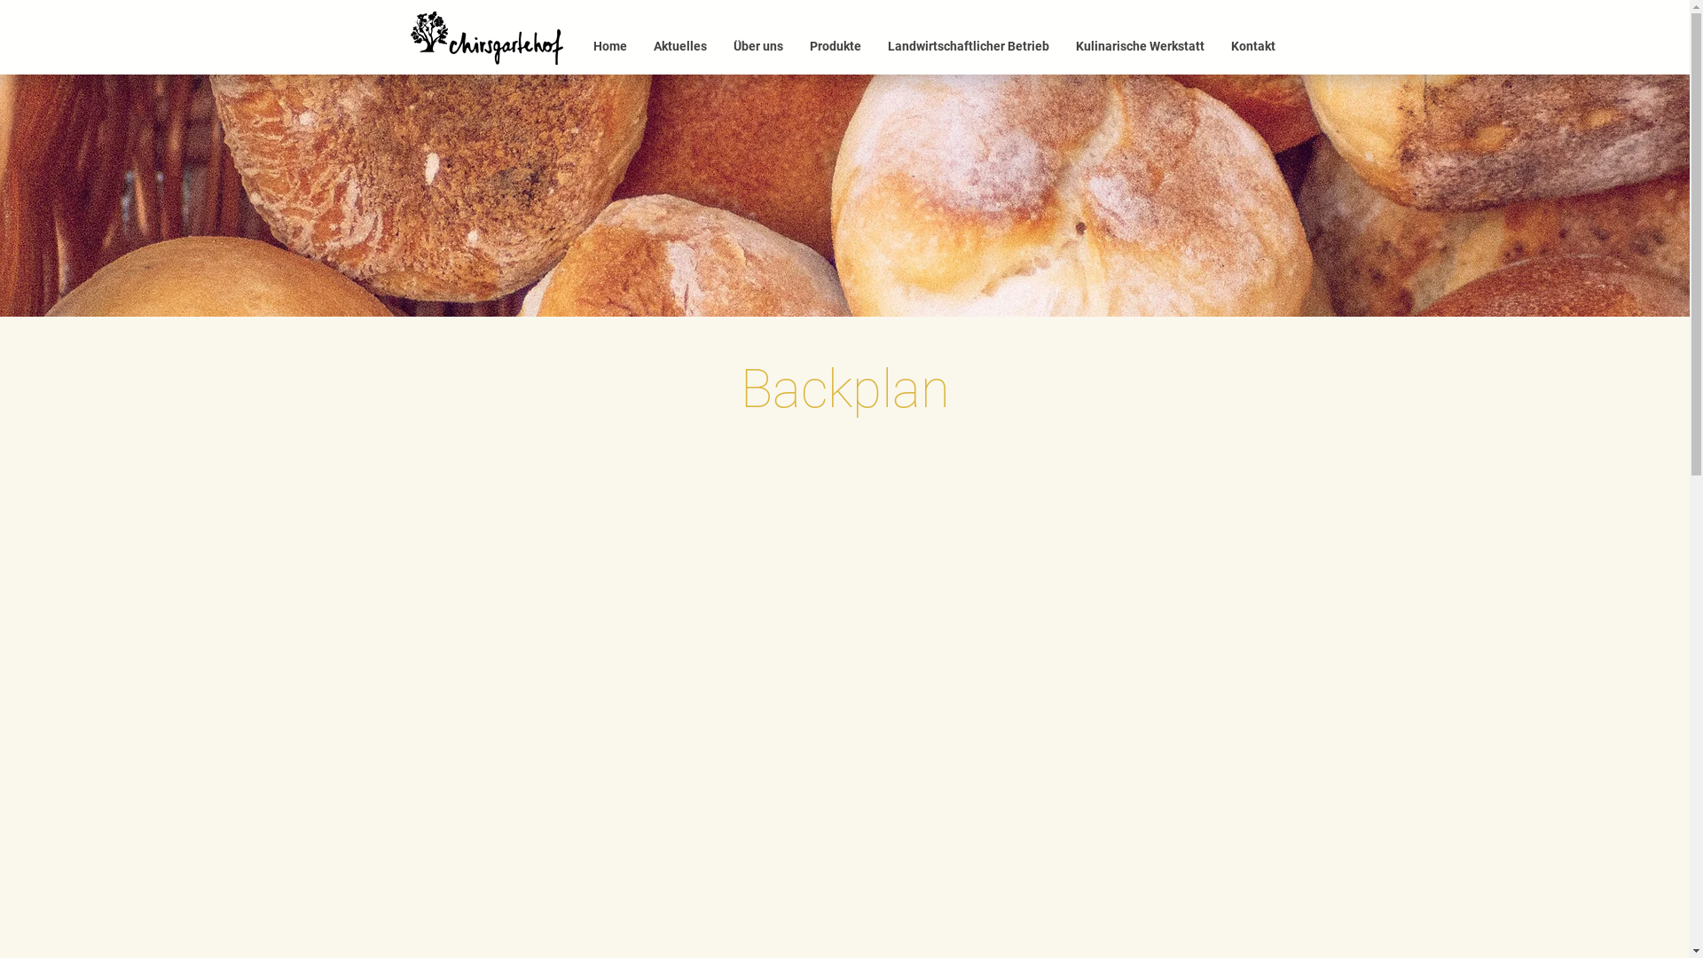 This screenshot has height=958, width=1703. What do you see at coordinates (1251, 45) in the screenshot?
I see `'Kontakt'` at bounding box center [1251, 45].